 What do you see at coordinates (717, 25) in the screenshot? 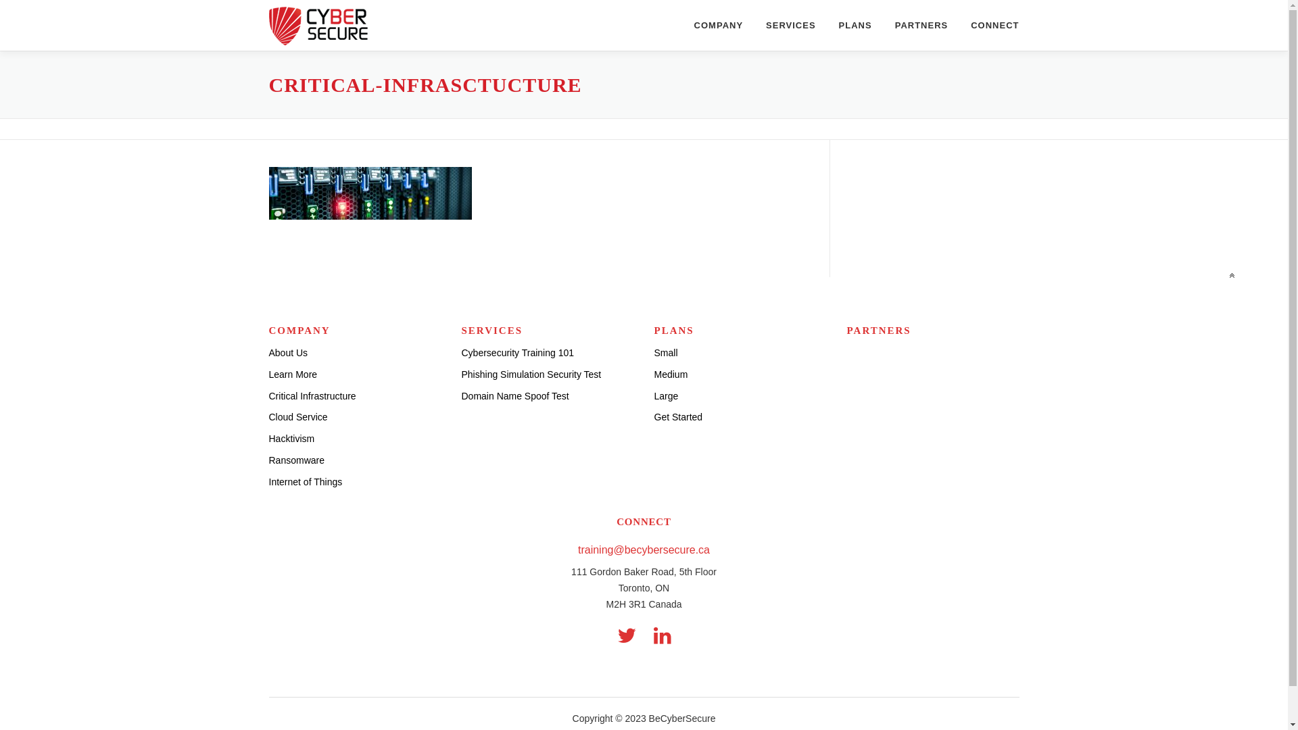
I see `'COMPANY'` at bounding box center [717, 25].